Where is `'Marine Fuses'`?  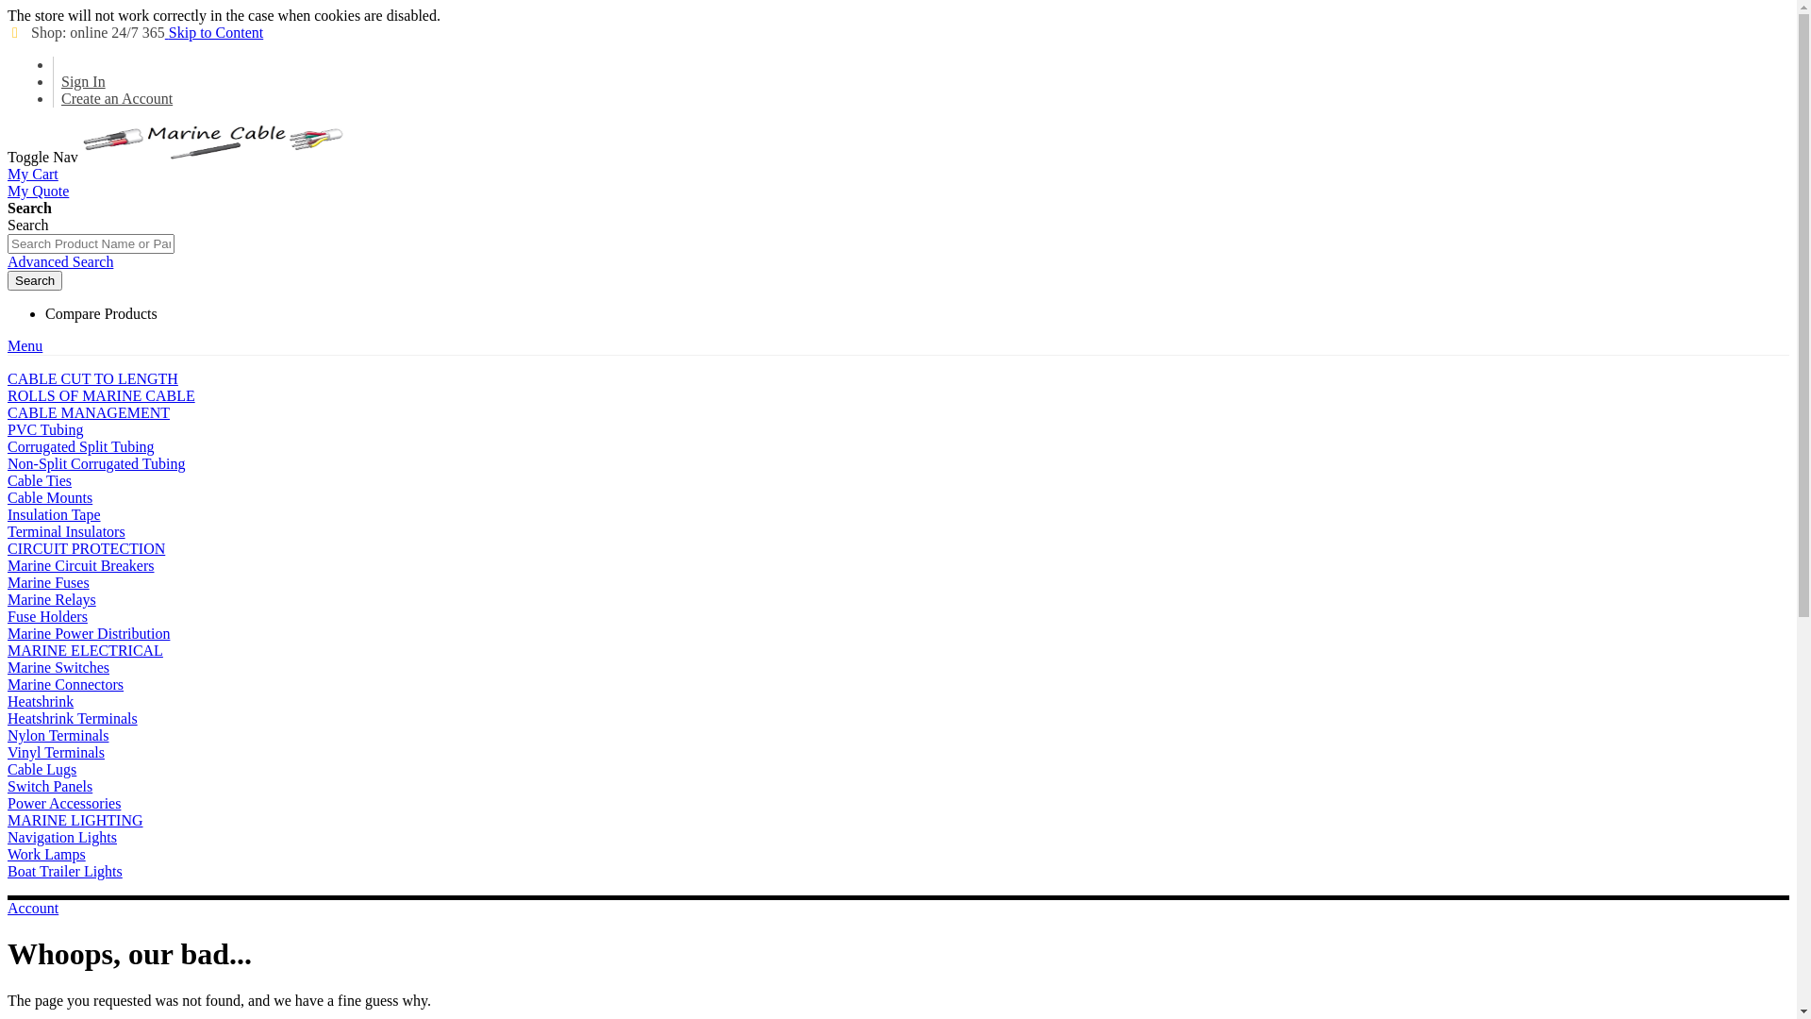 'Marine Fuses' is located at coordinates (8, 581).